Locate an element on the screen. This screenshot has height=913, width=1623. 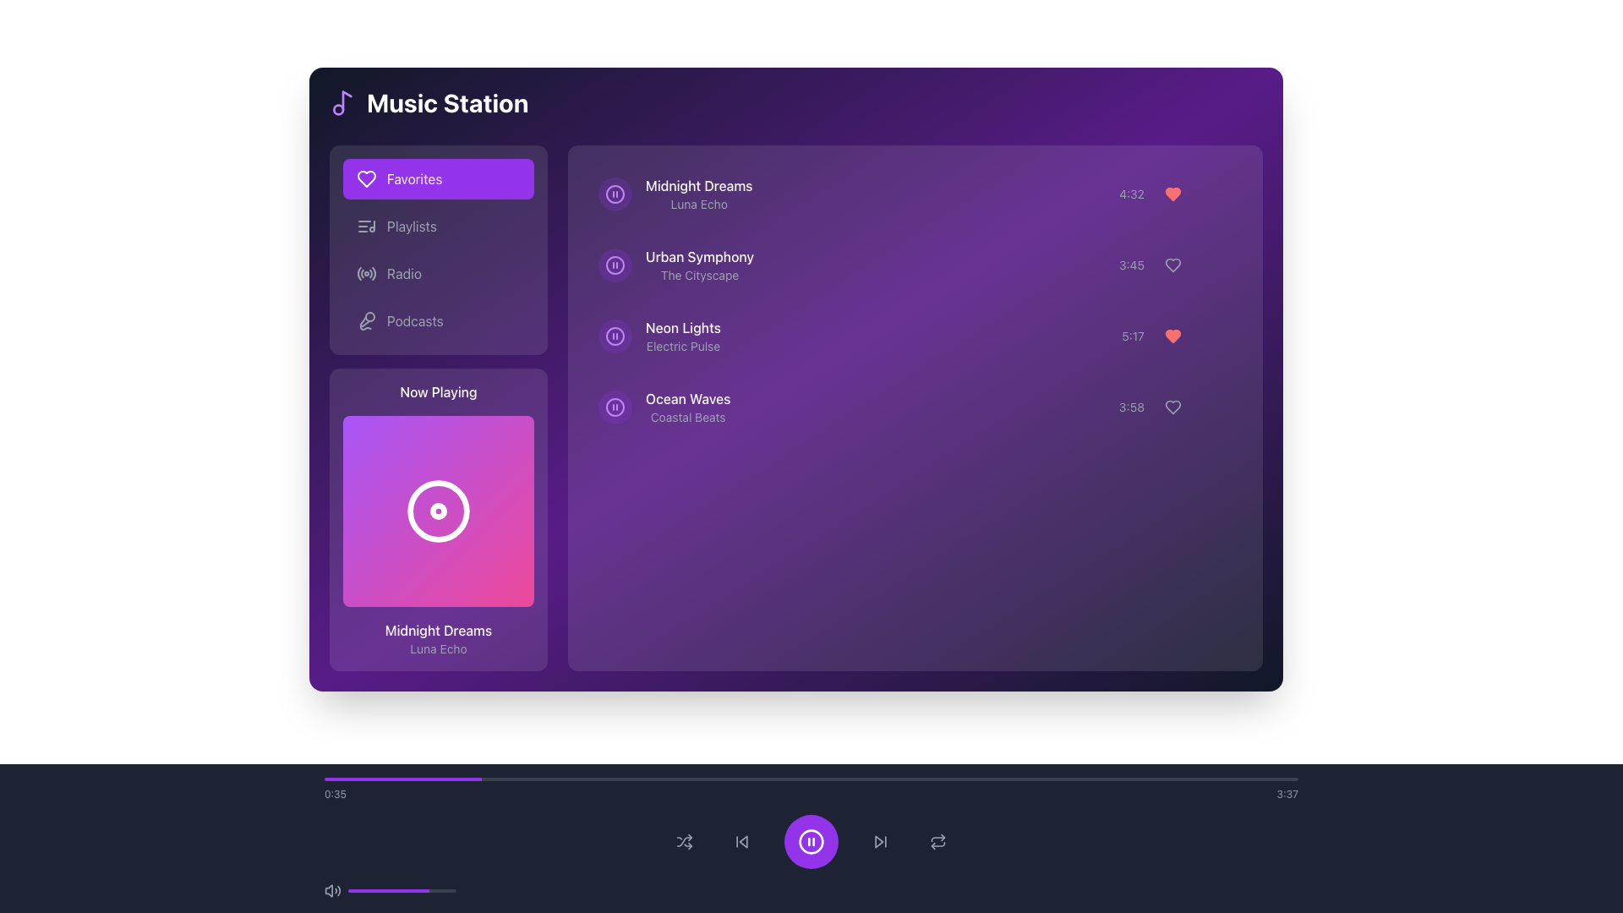
the 'Playlists' icon within the sidebar navigation menu, which resembles a list with a musical note and is styled with a thin outline is located at coordinates (365, 225).